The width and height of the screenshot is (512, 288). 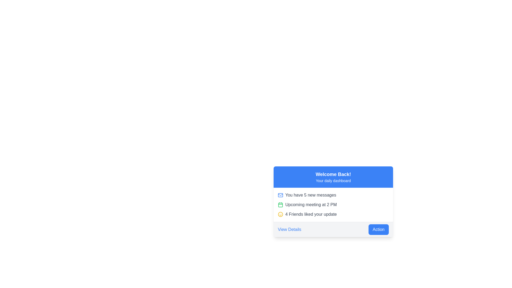 I want to click on the small blue email icon, which is an outline of an envelope, located to the left of the text 'You have 5 new messages' in the notification list, so click(x=280, y=195).